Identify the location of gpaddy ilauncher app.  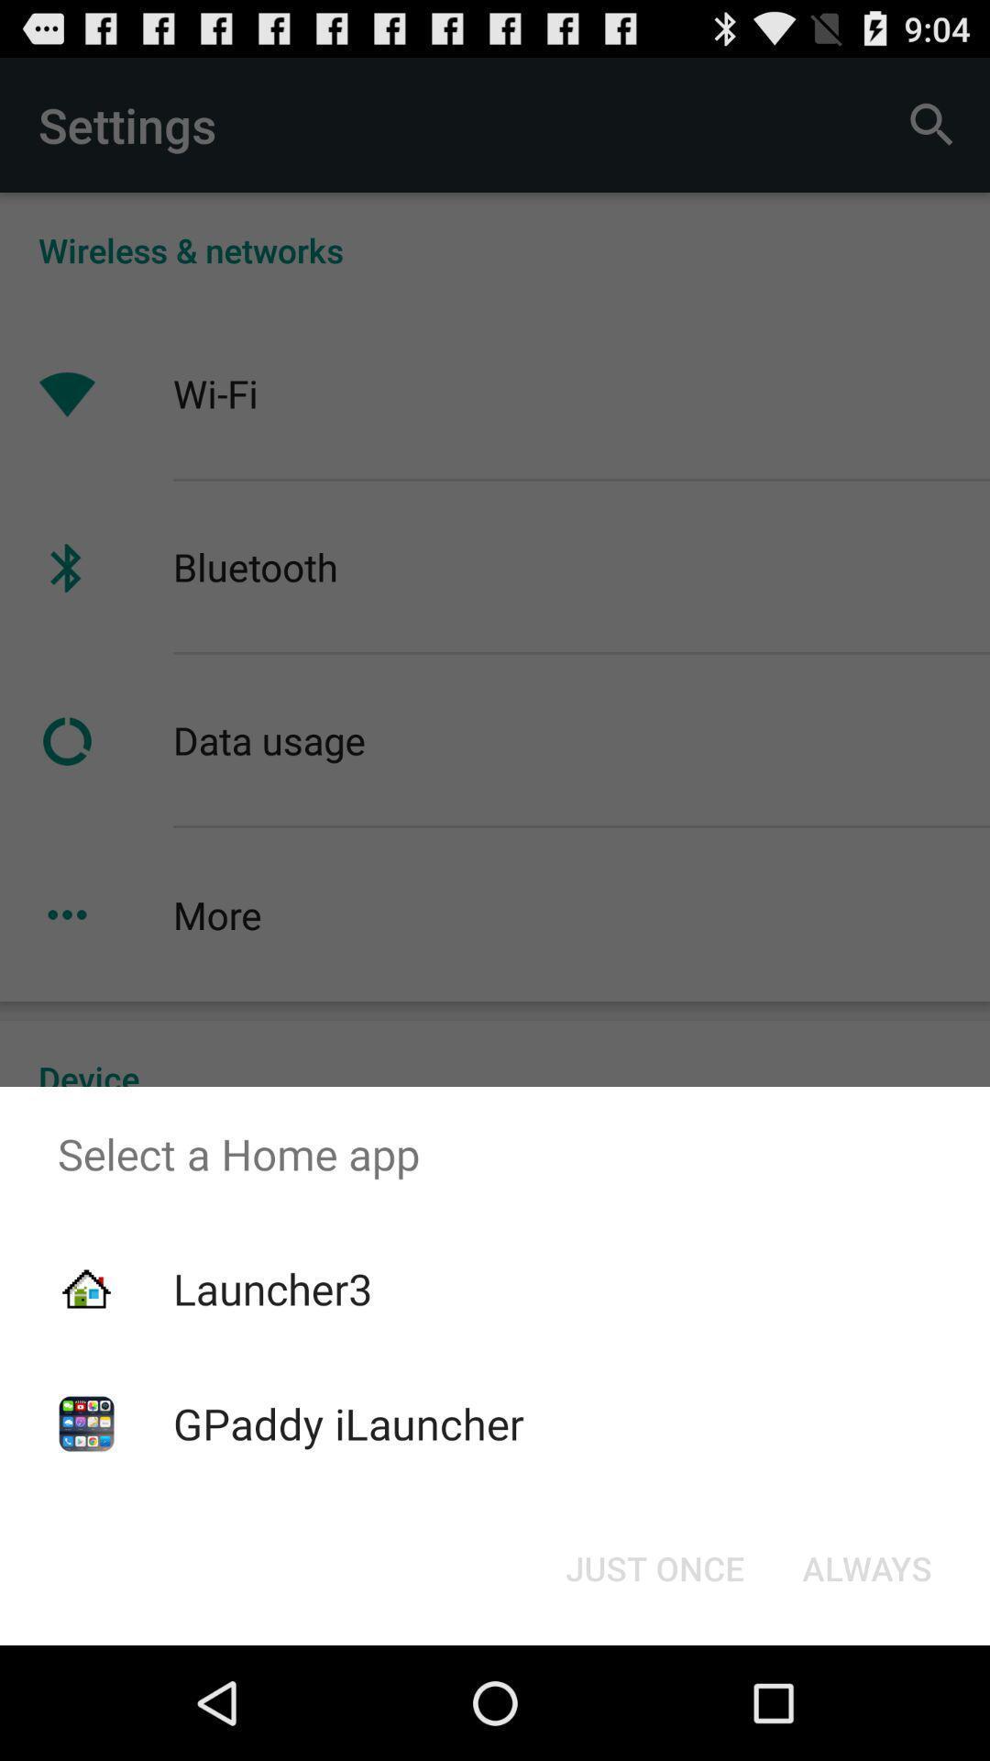
(348, 1423).